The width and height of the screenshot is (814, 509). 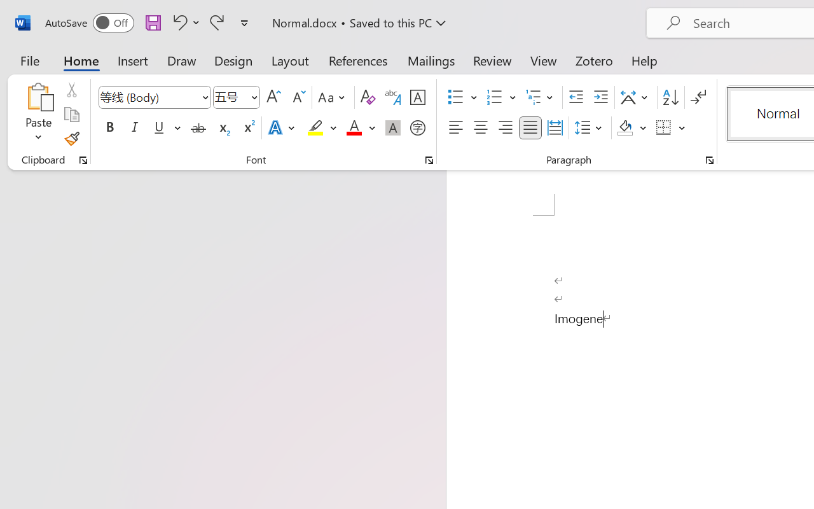 I want to click on 'Shading RGB(0, 0, 0)', so click(x=625, y=128).